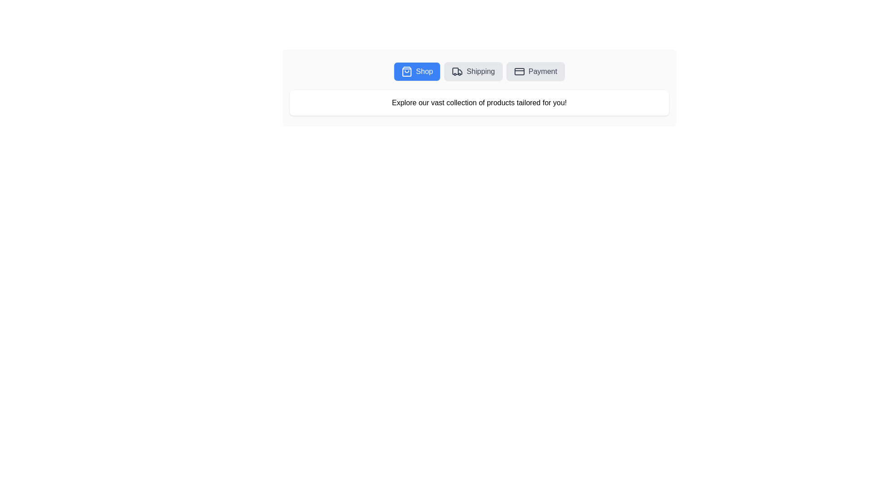 This screenshot has height=490, width=872. What do you see at coordinates (479, 71) in the screenshot?
I see `the Tab Bar` at bounding box center [479, 71].